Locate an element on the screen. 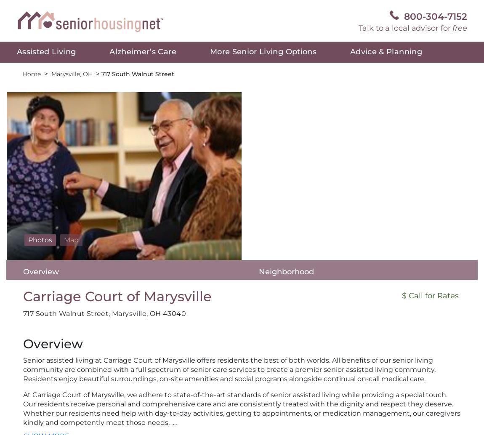 Image resolution: width=484 pixels, height=435 pixels. 'Advice & Planning' is located at coordinates (386, 52).